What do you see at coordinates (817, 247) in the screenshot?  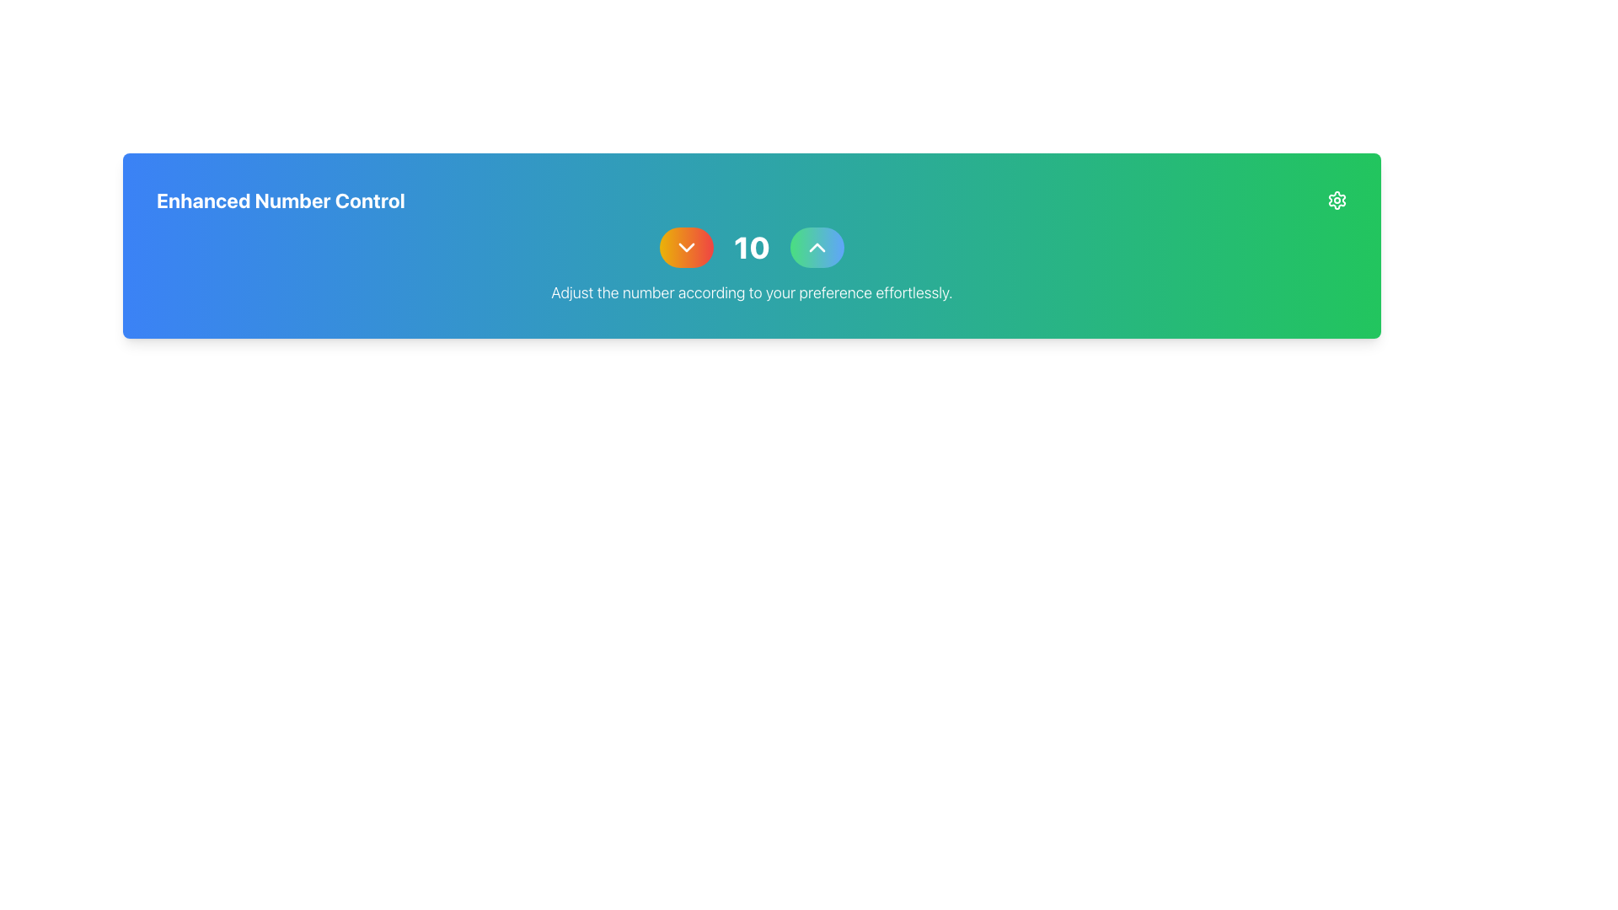 I see `the circular button with a gradient background and upward arrow icon` at bounding box center [817, 247].